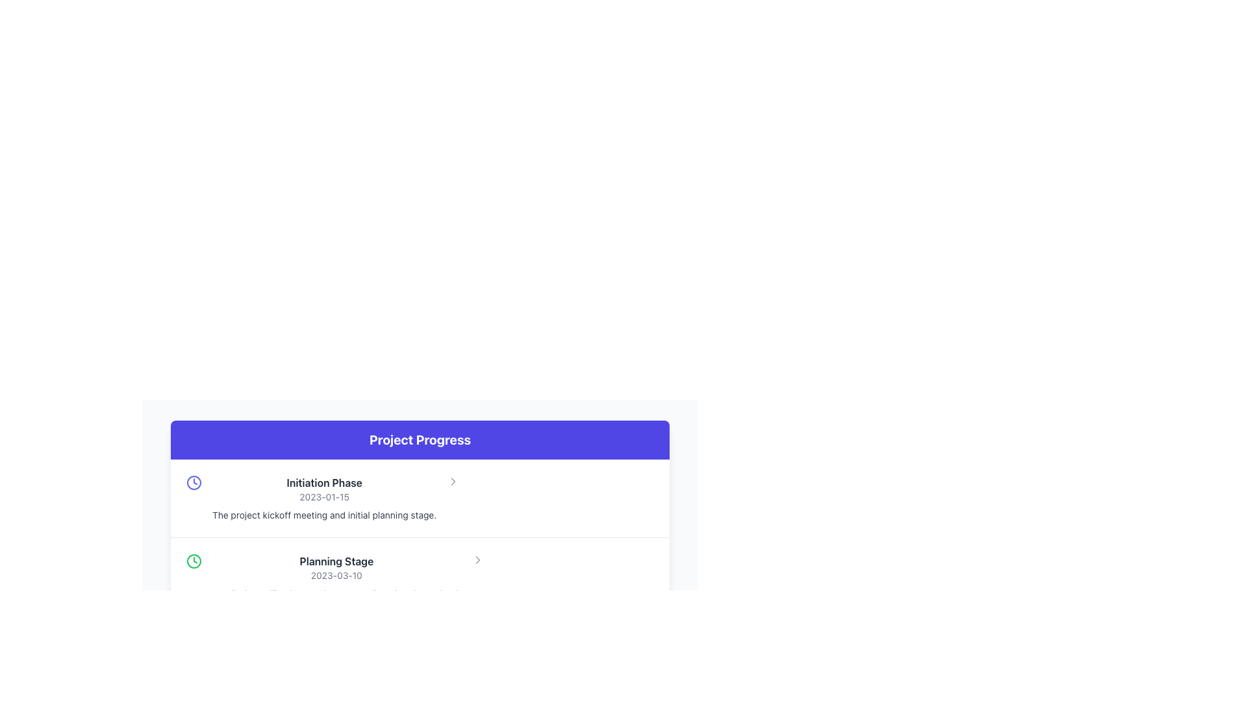 The image size is (1247, 701). What do you see at coordinates (193, 560) in the screenshot?
I see `the green clock icon located at the far-left side of the 'Planning Stage' section, which precedes the text 'Planning Stage 2023-03-10'` at bounding box center [193, 560].